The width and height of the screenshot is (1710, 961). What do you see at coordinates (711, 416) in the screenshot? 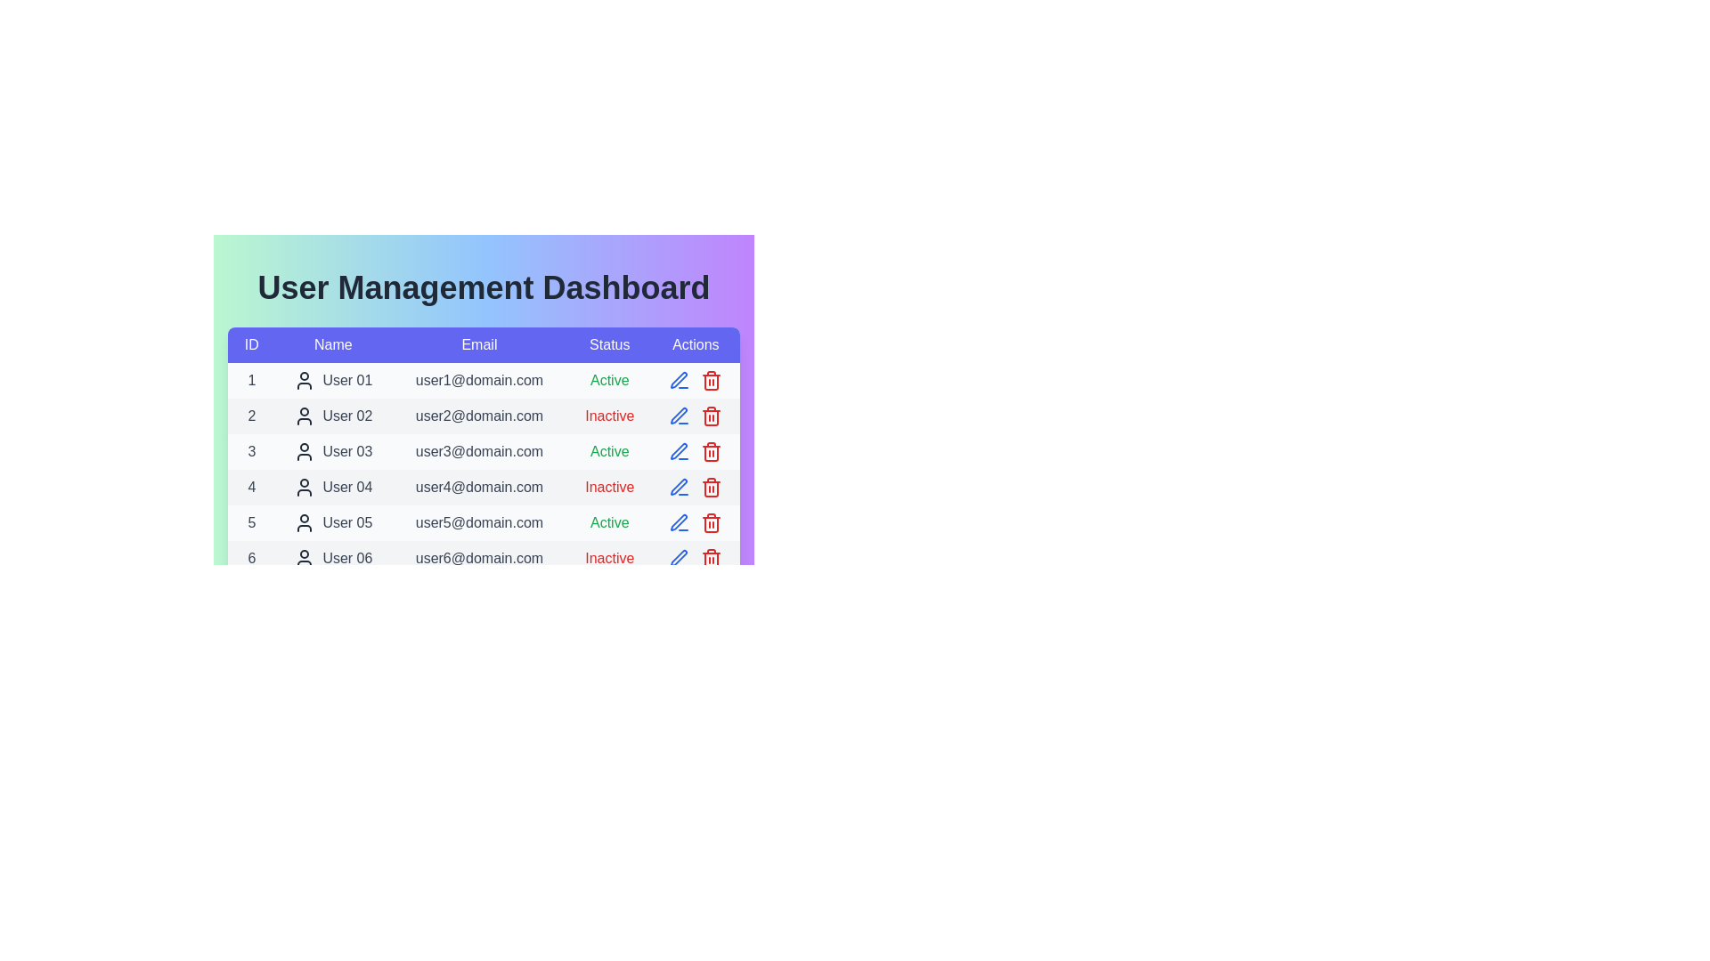
I see `the delete icon for user with ID 2` at bounding box center [711, 416].